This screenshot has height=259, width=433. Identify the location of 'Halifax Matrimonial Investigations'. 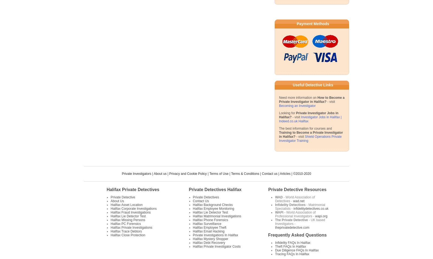
(216, 216).